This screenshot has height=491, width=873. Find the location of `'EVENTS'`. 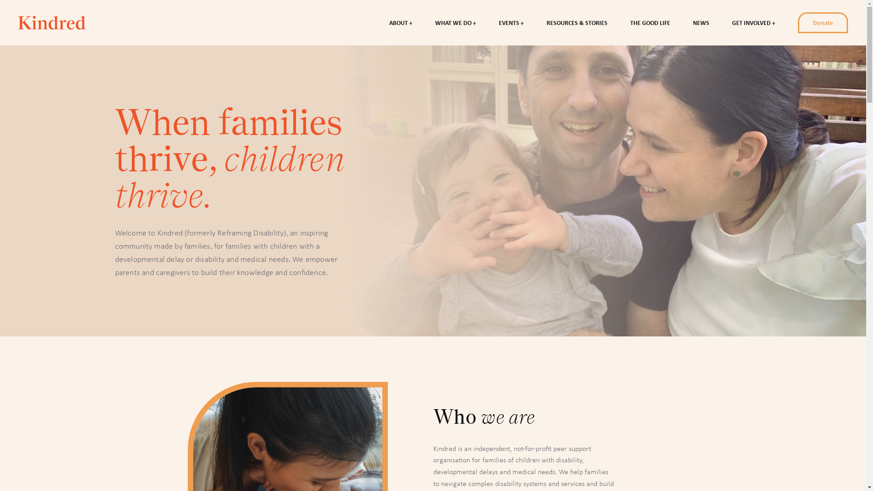

'EVENTS' is located at coordinates (511, 22).